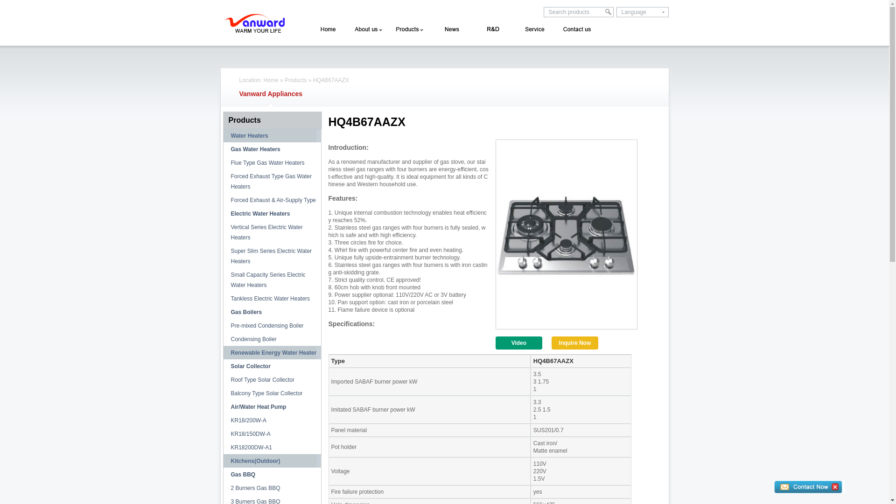  I want to click on 'Renewable Energy Water Heater', so click(272, 353).